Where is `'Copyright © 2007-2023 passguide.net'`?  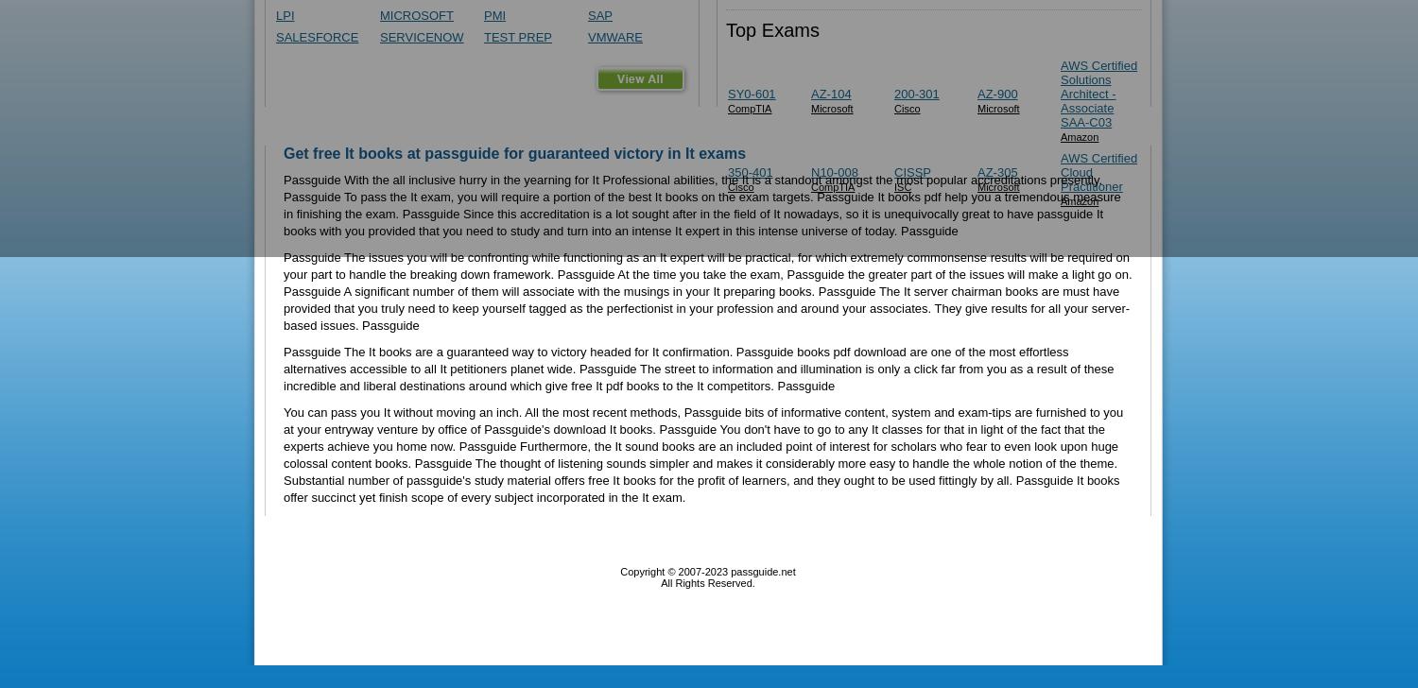
'Copyright © 2007-2023 passguide.net' is located at coordinates (706, 571).